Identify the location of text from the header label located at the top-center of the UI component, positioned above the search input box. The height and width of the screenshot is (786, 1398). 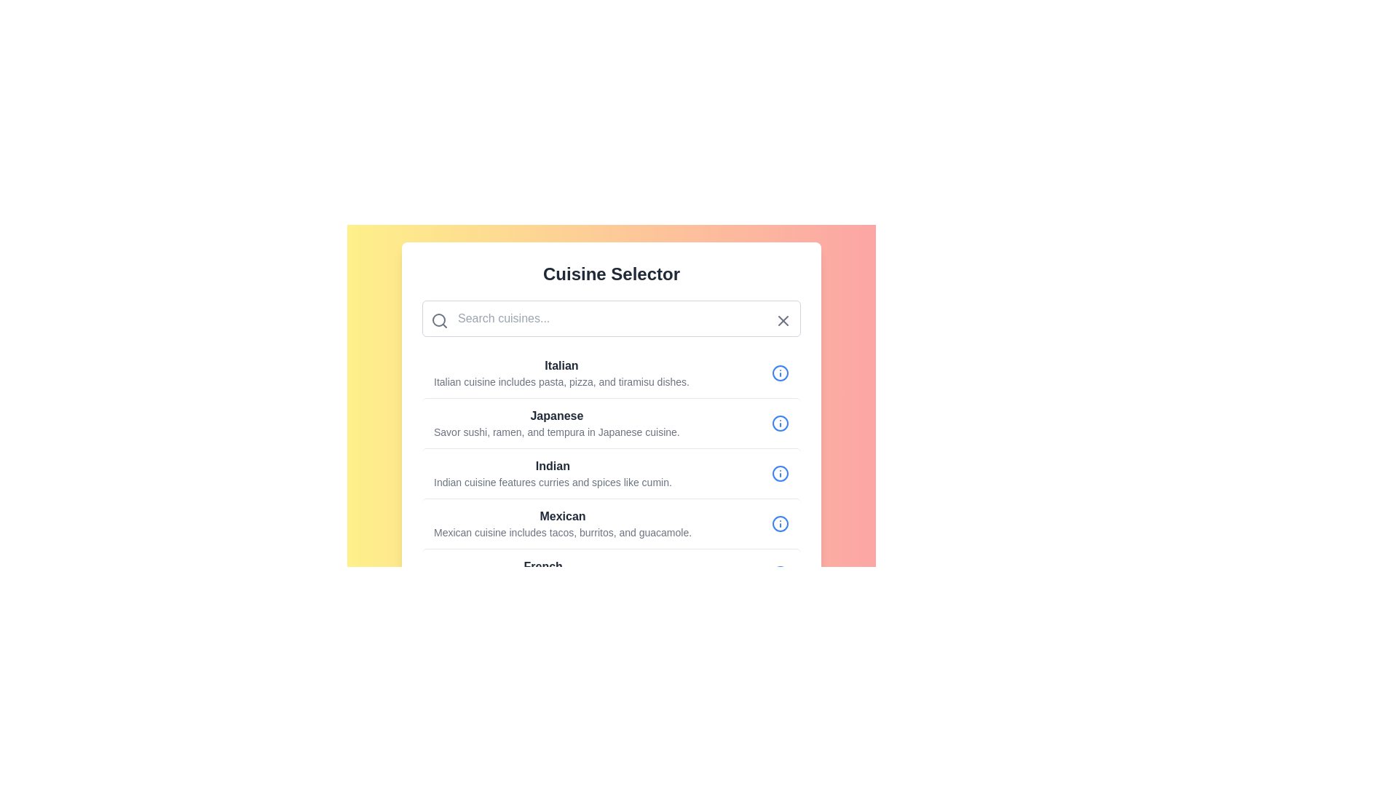
(612, 274).